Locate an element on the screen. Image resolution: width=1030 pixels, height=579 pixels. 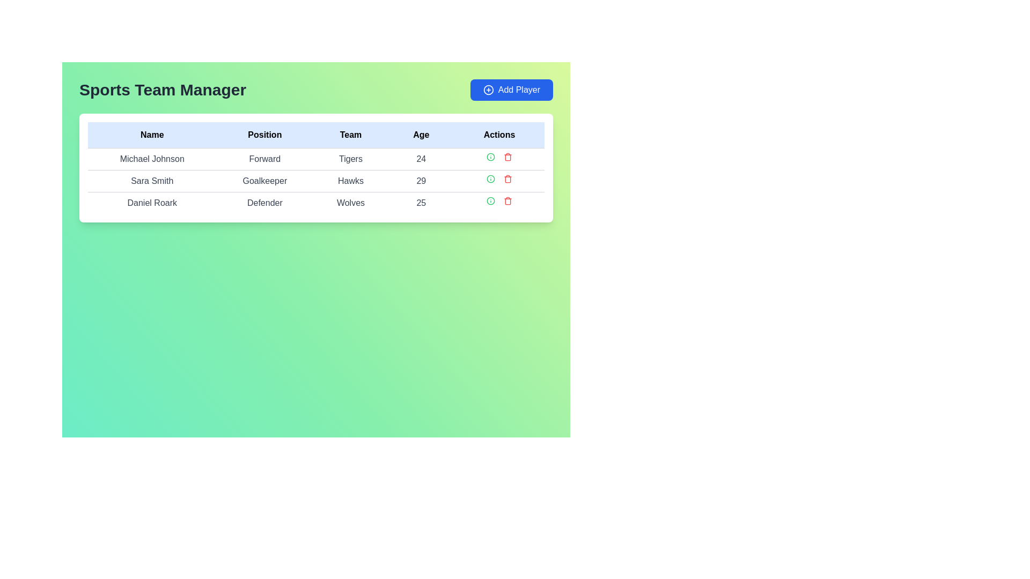
the label displaying the text 'Daniel Roark', which is located in the first cell of the last row of the player information table under the 'Name' column is located at coordinates (151, 203).